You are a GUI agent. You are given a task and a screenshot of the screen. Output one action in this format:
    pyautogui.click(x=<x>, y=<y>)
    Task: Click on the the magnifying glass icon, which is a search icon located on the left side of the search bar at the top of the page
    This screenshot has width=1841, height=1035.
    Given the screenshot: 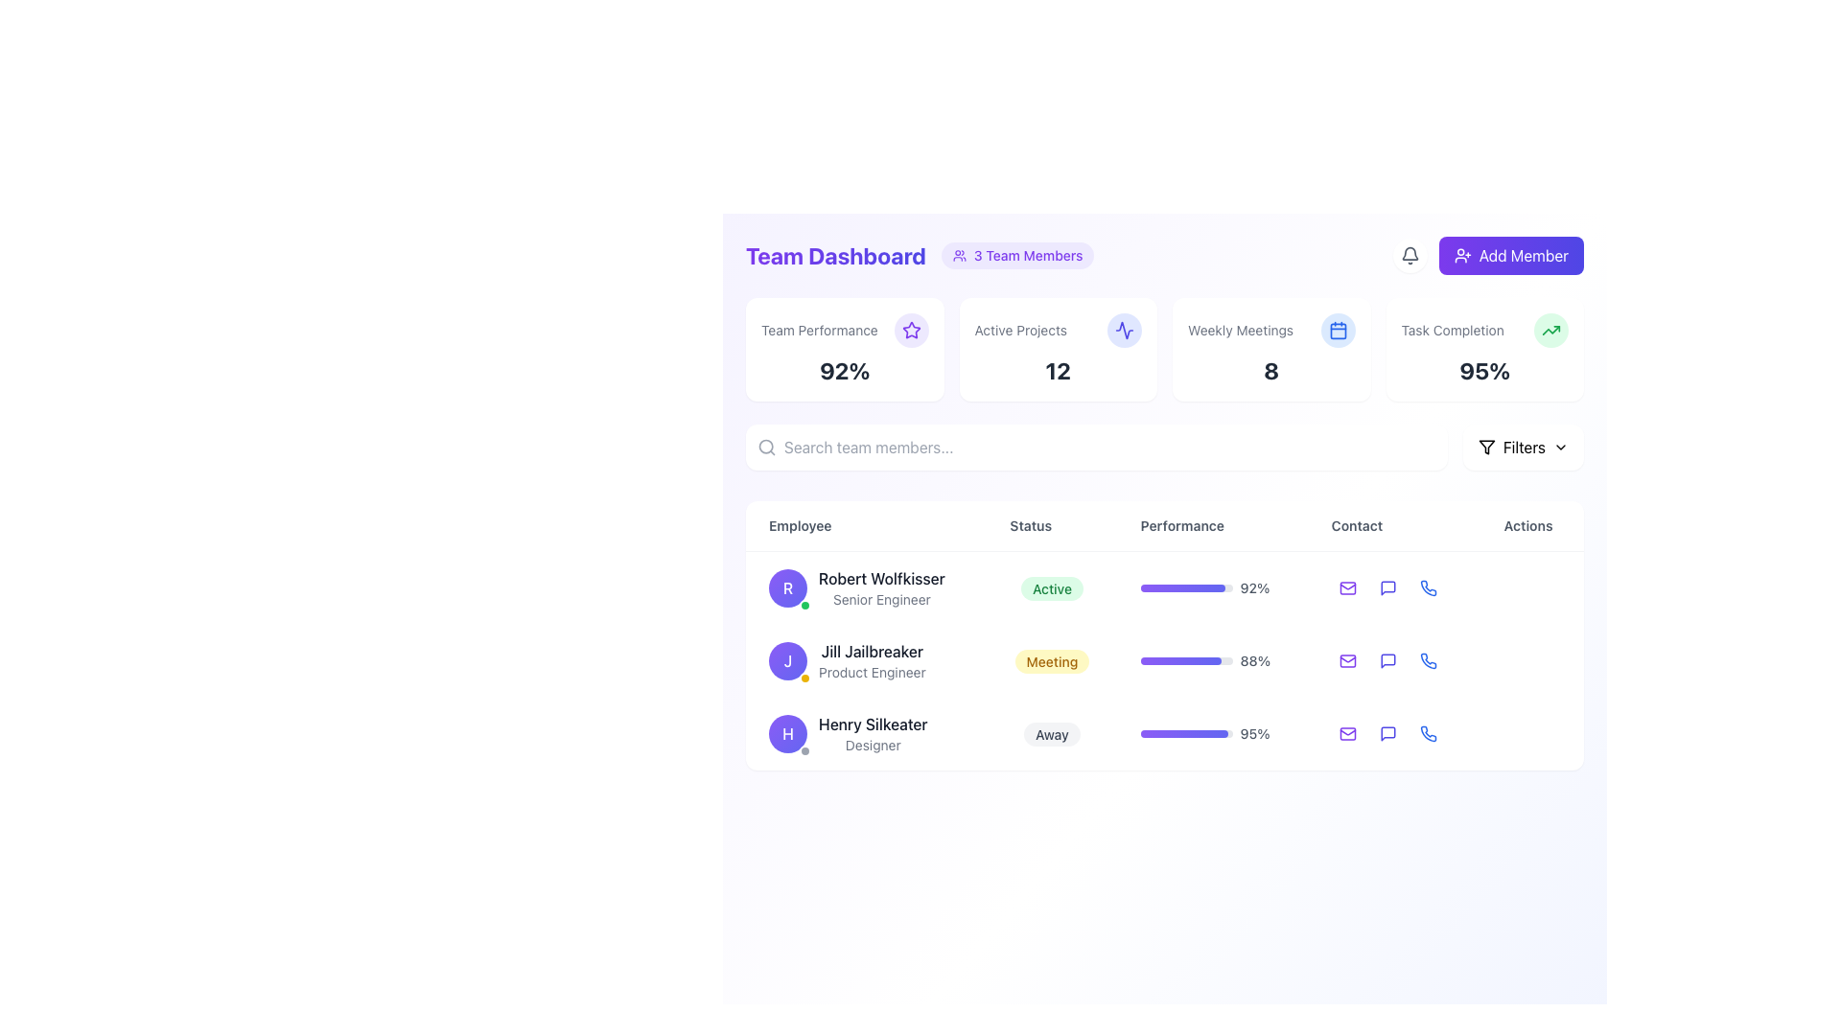 What is the action you would take?
    pyautogui.click(x=767, y=447)
    